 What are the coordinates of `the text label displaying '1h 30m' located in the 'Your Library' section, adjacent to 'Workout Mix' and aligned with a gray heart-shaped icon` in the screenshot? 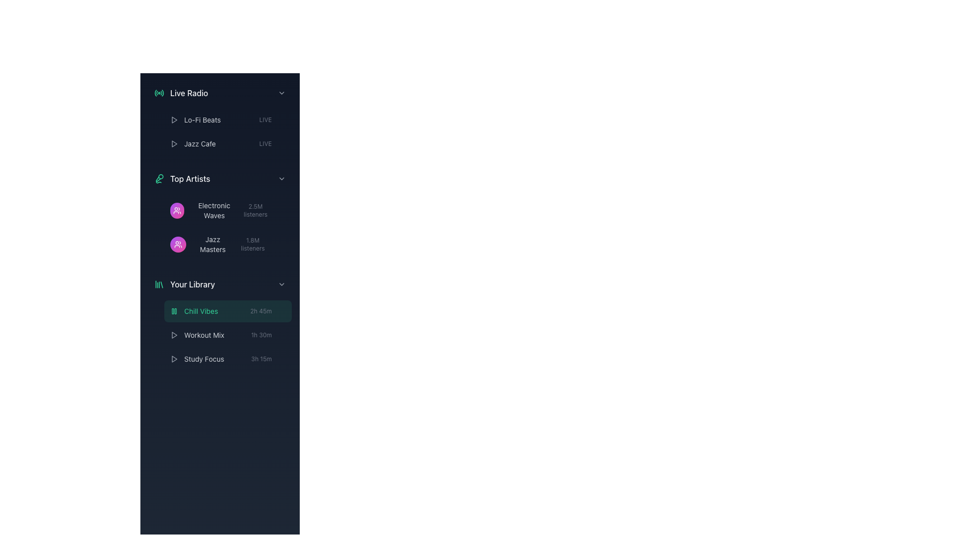 It's located at (261, 335).